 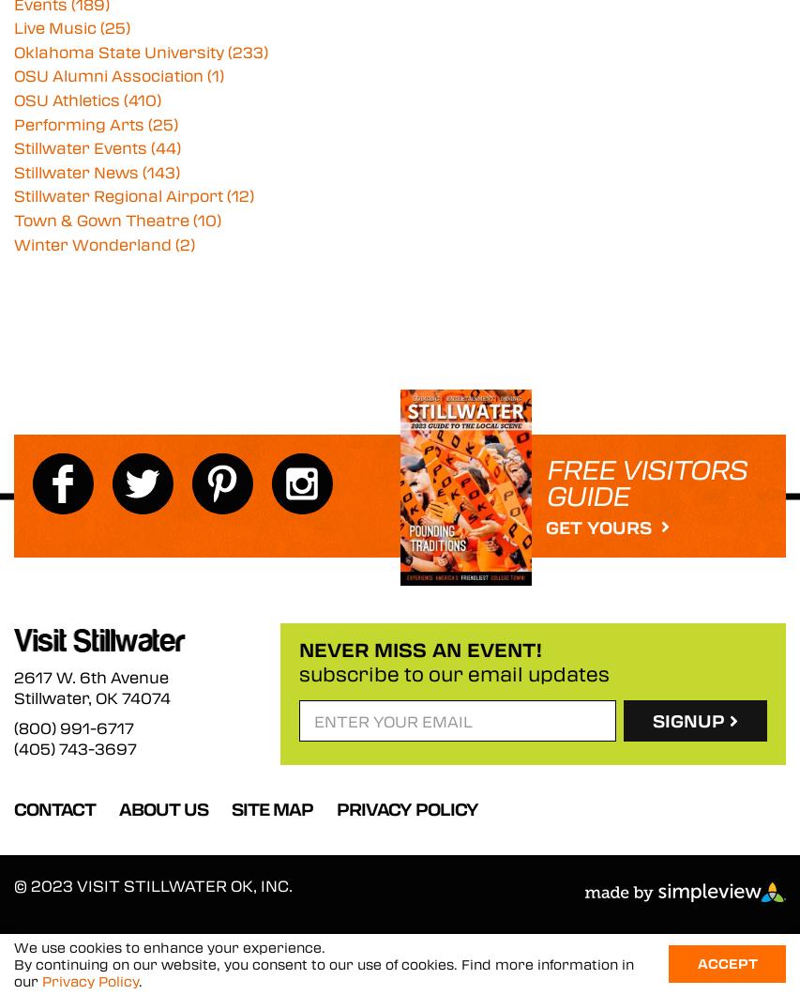 I want to click on 'Live Music', so click(x=13, y=27).